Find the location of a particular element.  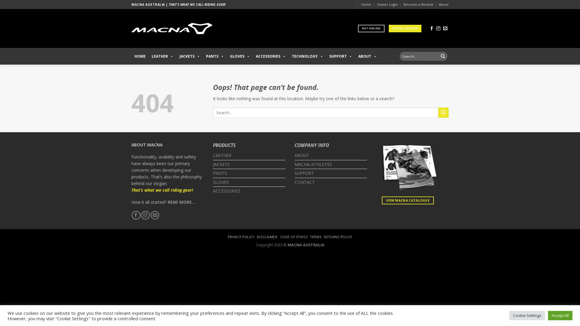

'ACCESSORIES' is located at coordinates (226, 191).